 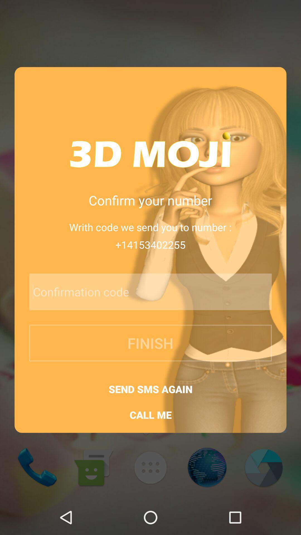 What do you see at coordinates (151, 389) in the screenshot?
I see `send sms again icon` at bounding box center [151, 389].